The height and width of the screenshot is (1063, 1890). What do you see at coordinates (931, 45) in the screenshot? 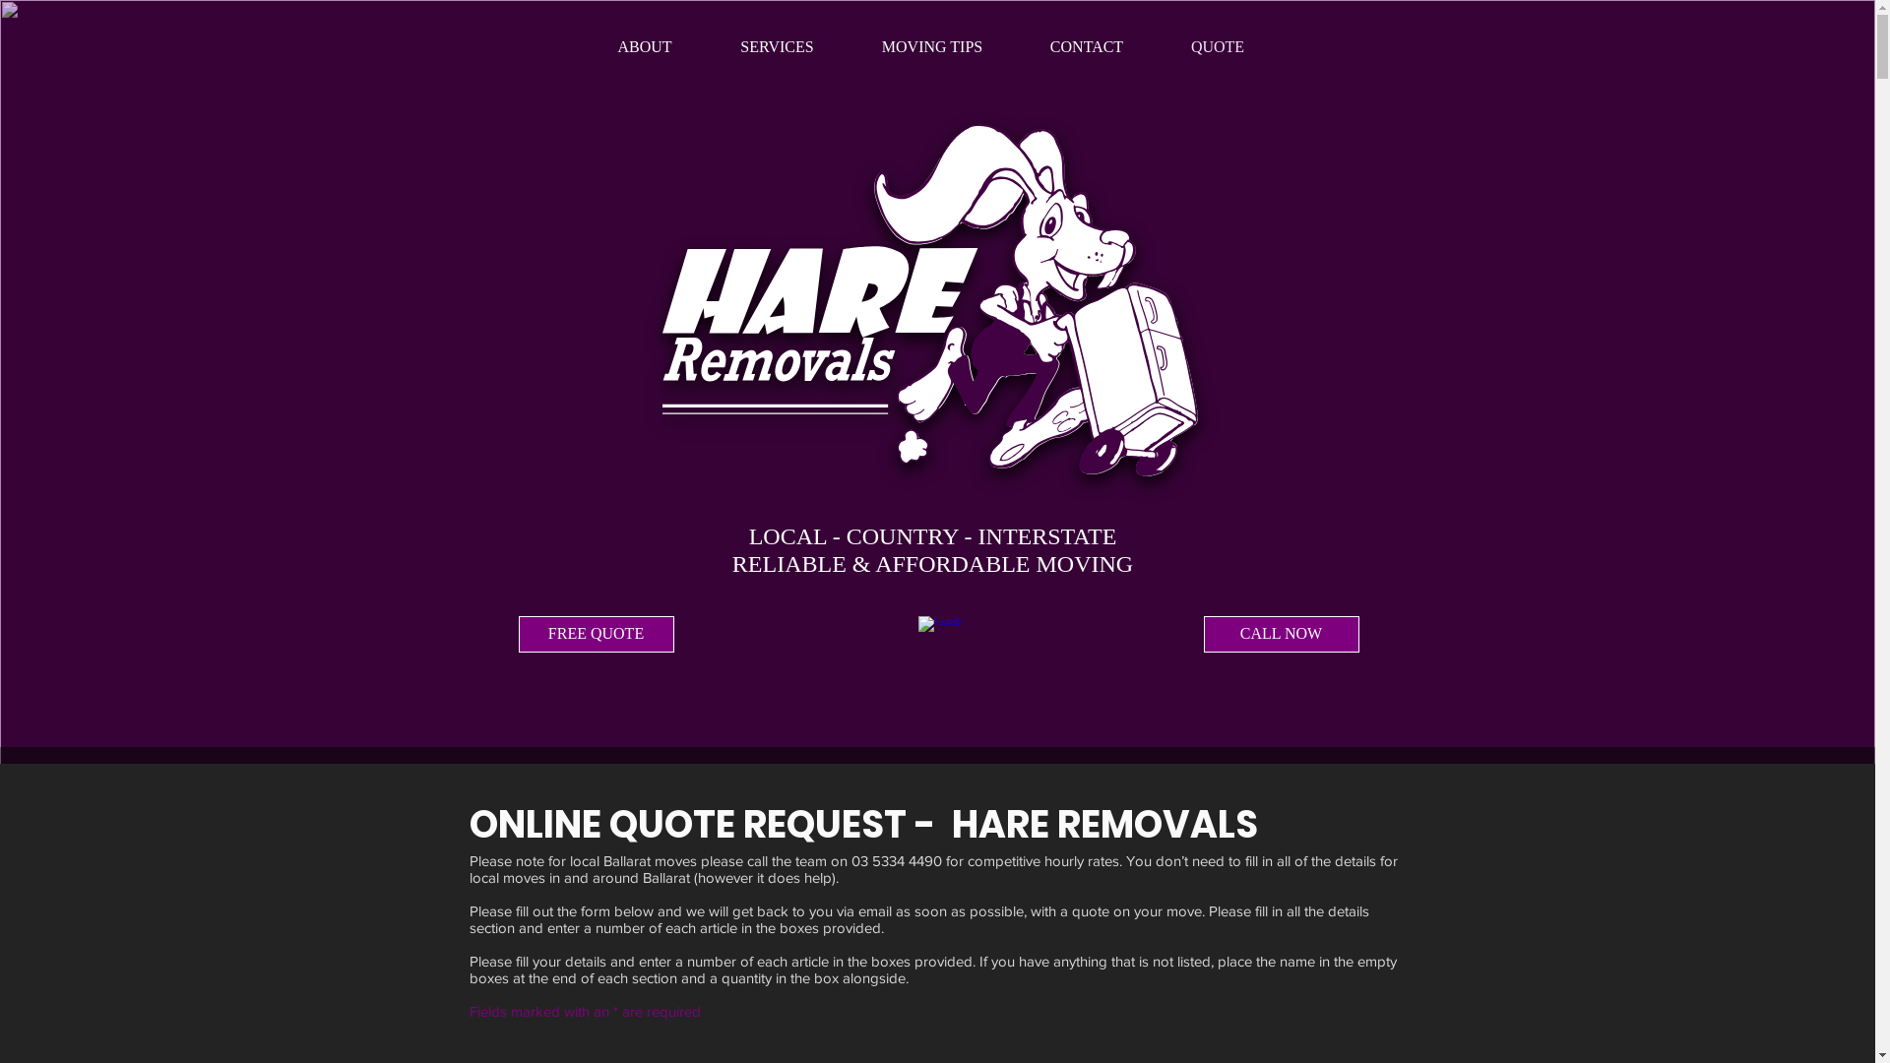
I see `'MOVING TIPS'` at bounding box center [931, 45].